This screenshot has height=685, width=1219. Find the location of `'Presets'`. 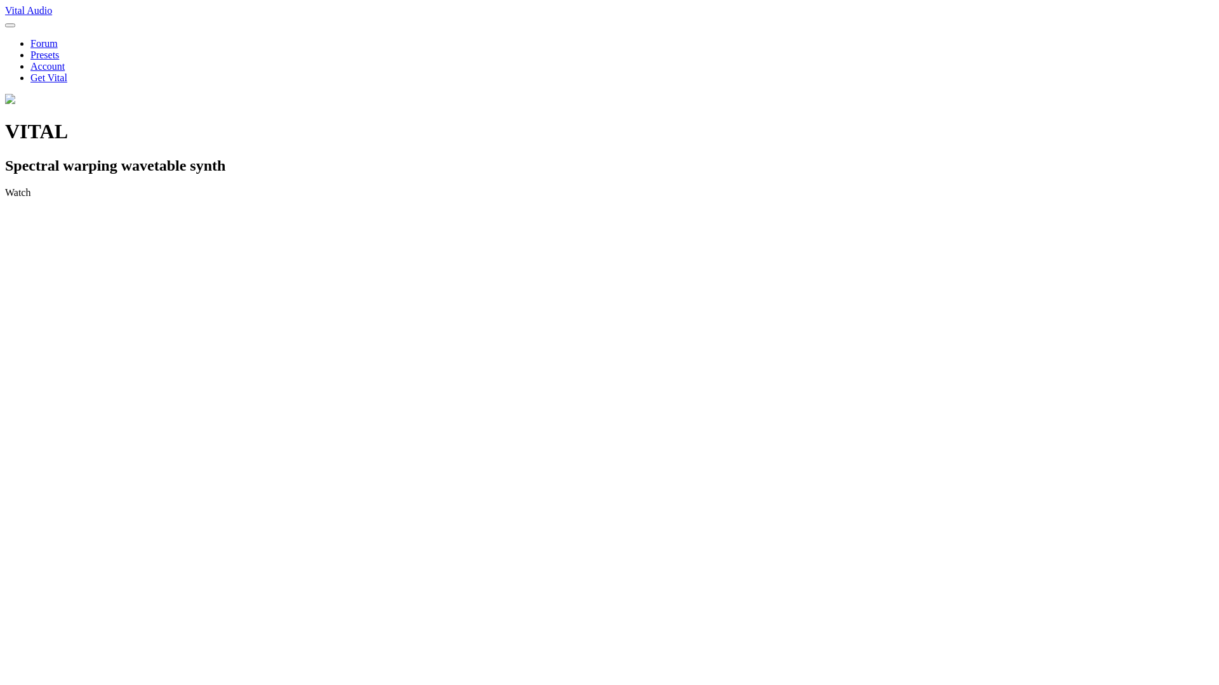

'Presets' is located at coordinates (30, 54).